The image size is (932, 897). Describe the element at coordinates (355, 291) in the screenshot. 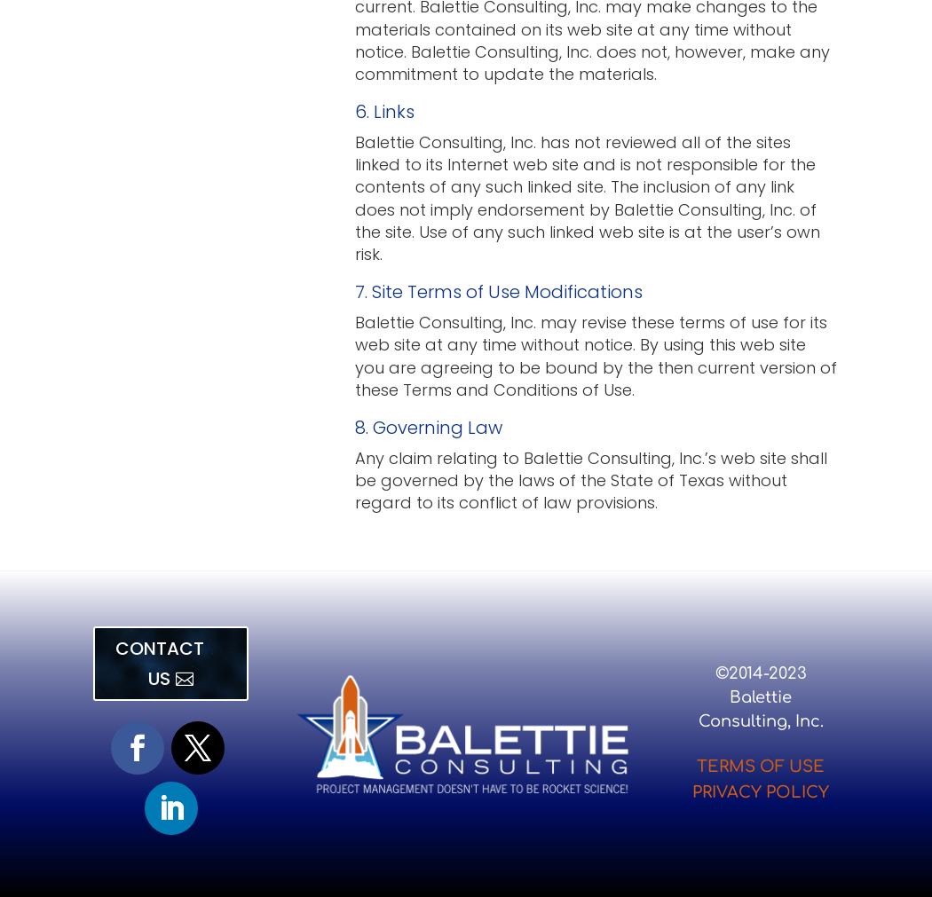

I see `'7. Site Terms of Use Modifications'` at that location.